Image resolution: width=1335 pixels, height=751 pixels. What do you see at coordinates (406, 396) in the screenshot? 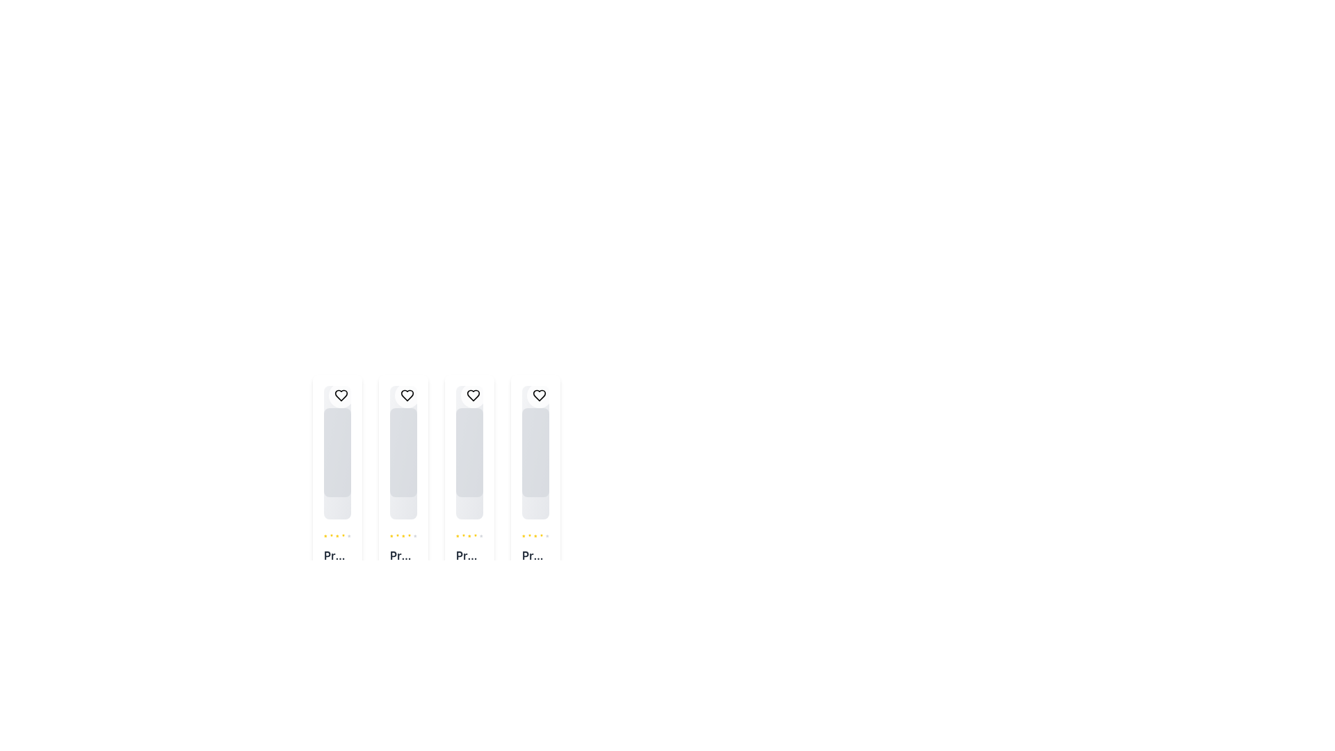
I see `the heart-shaped icon outlined in black` at bounding box center [406, 396].